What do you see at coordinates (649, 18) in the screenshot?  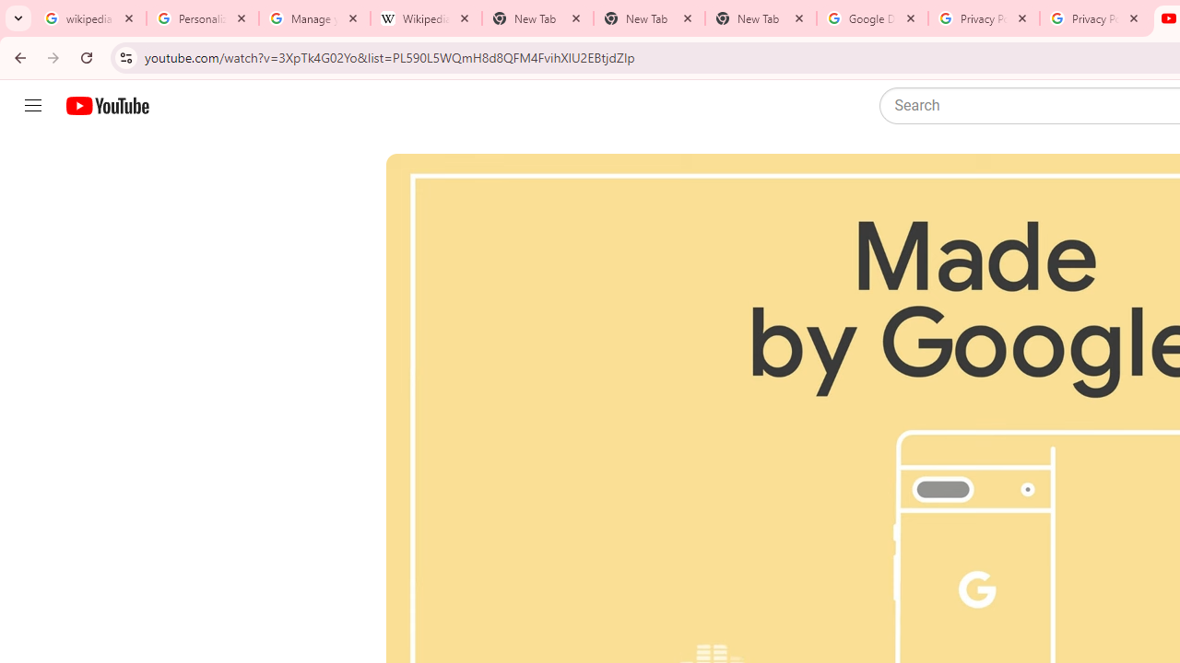 I see `'New Tab'` at bounding box center [649, 18].